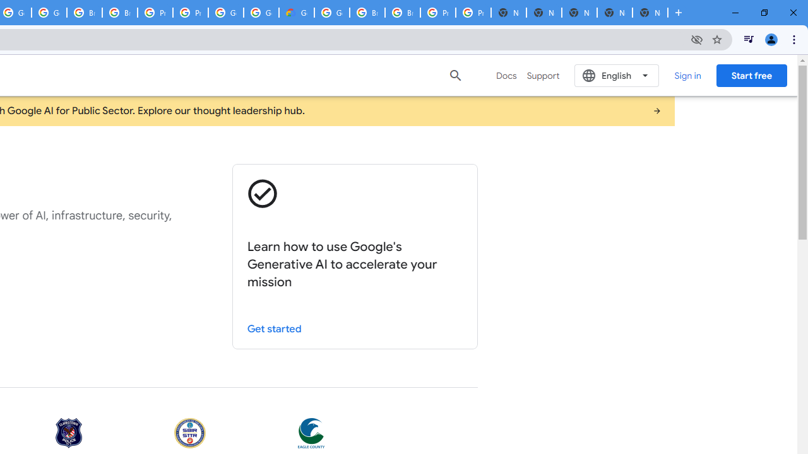 The image size is (808, 454). What do you see at coordinates (295, 13) in the screenshot?
I see `'Google Cloud Estimate Summary'` at bounding box center [295, 13].